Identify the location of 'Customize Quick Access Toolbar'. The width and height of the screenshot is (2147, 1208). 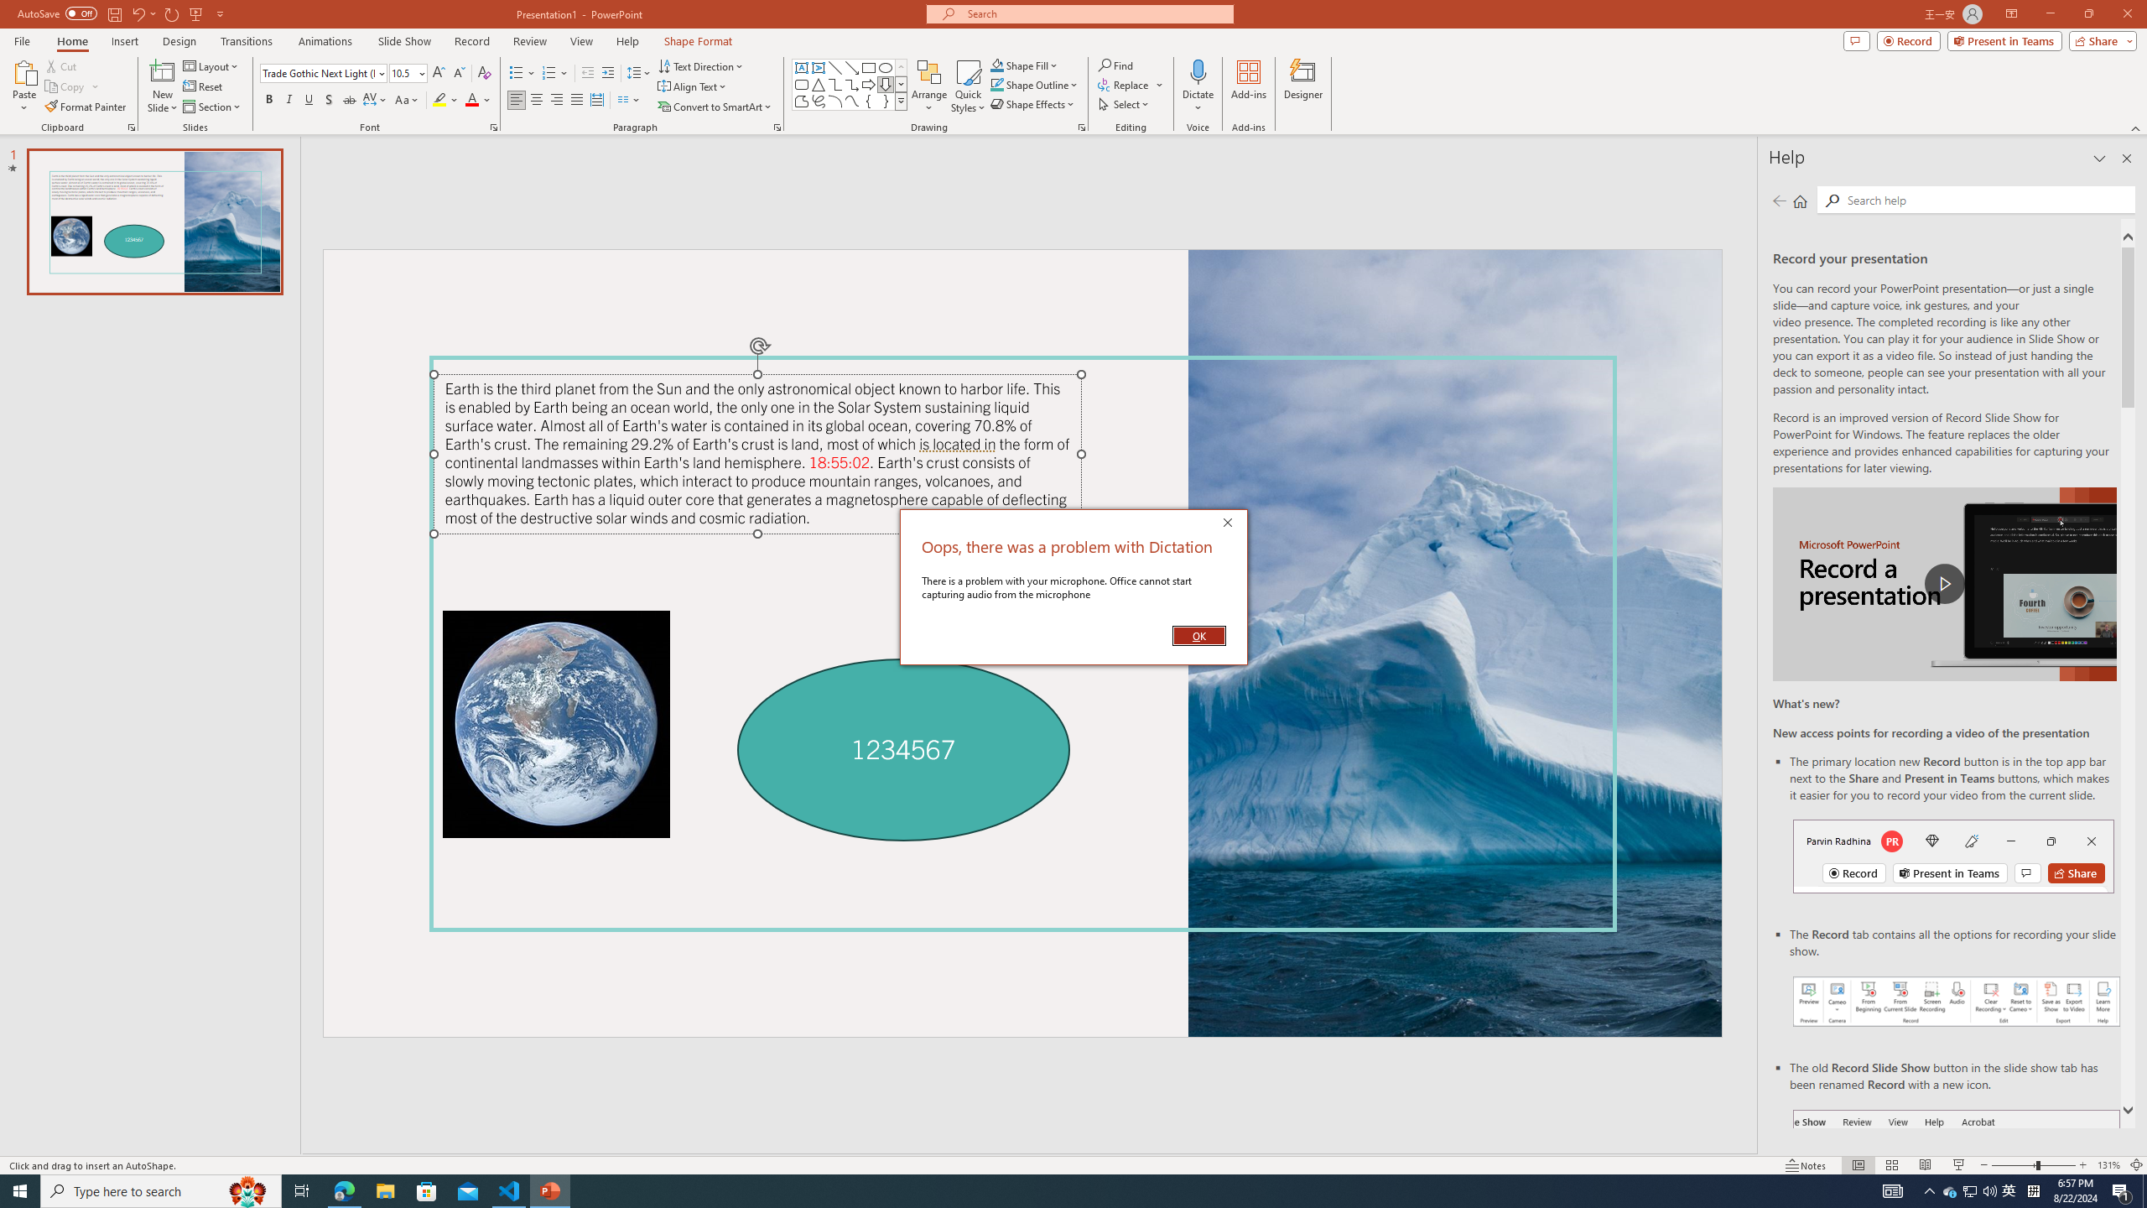
(219, 13).